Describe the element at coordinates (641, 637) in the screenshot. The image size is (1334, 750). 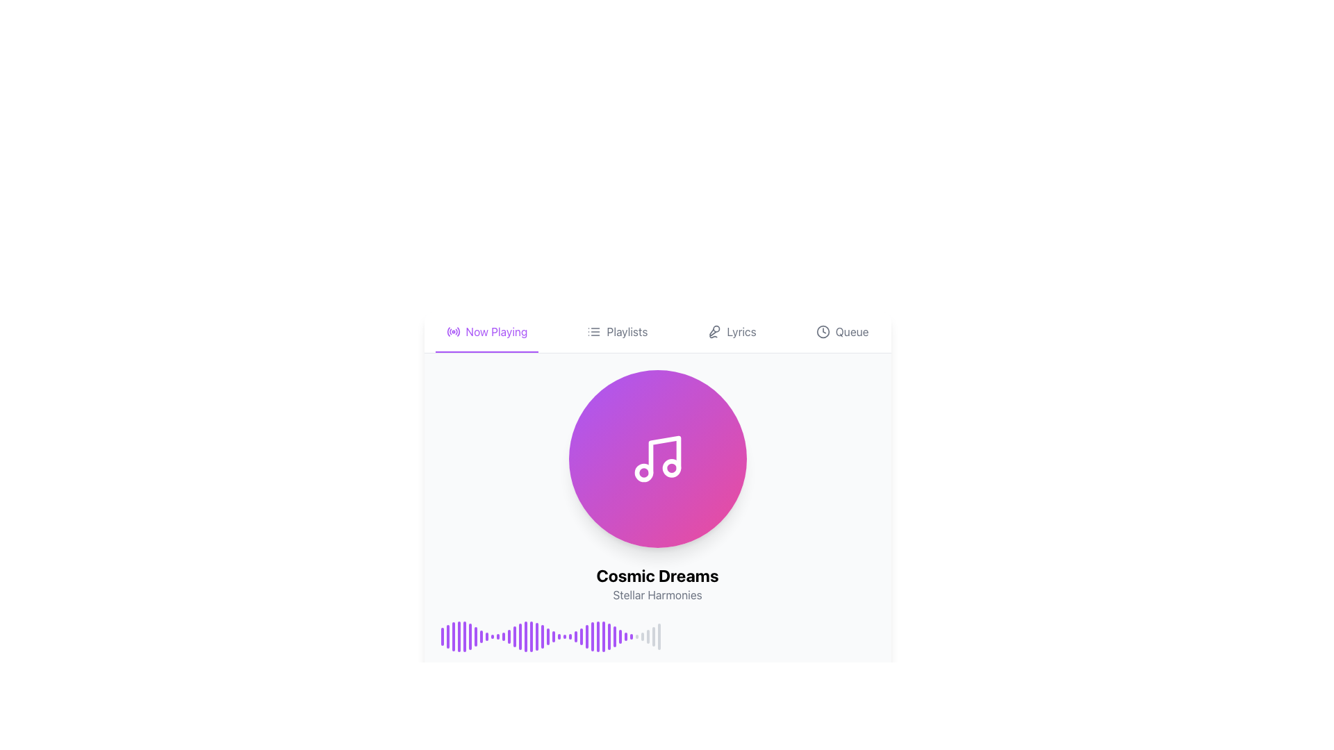
I see `the second gray bar from the right in the series of vertical bars beneath the central circular artwork` at that location.